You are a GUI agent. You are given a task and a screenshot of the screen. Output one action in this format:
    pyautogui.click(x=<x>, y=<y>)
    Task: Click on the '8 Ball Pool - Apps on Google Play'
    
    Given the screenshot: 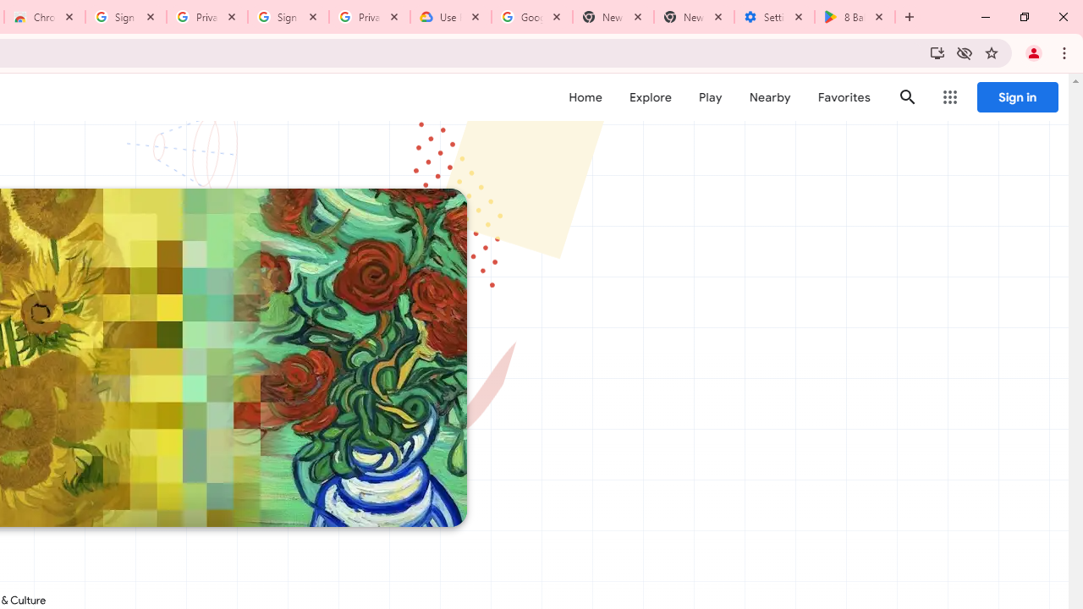 What is the action you would take?
    pyautogui.click(x=855, y=17)
    